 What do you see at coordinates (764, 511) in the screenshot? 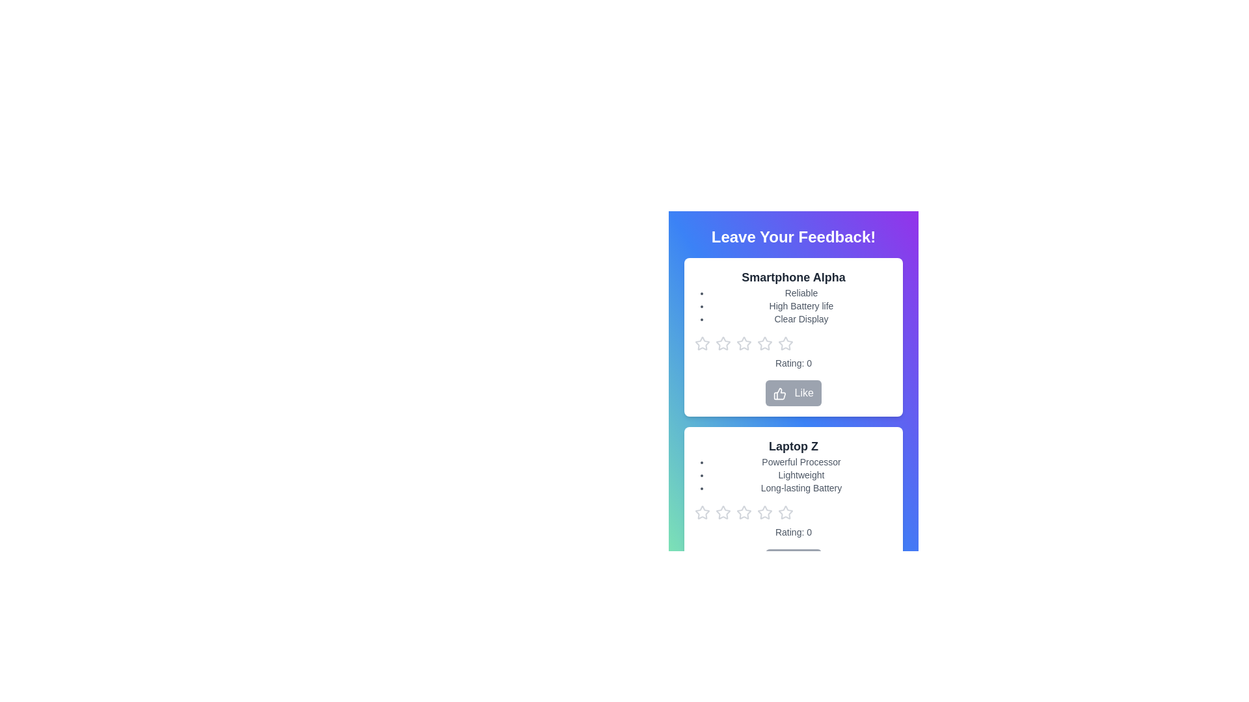
I see `the fourth rating star icon` at bounding box center [764, 511].